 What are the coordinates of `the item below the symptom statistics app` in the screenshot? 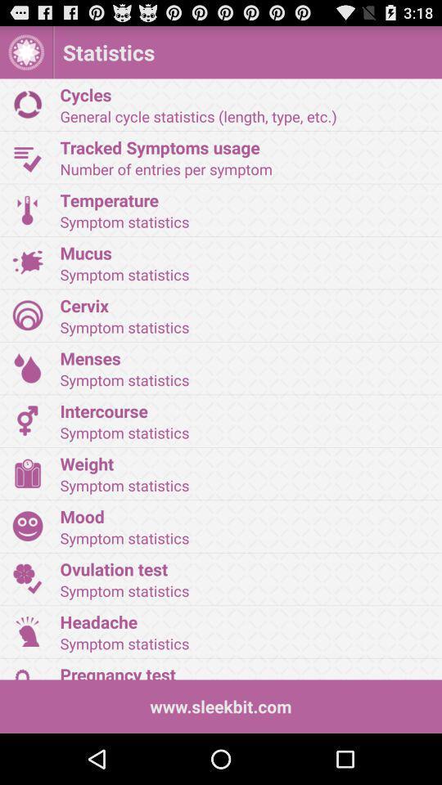 It's located at (245, 304).